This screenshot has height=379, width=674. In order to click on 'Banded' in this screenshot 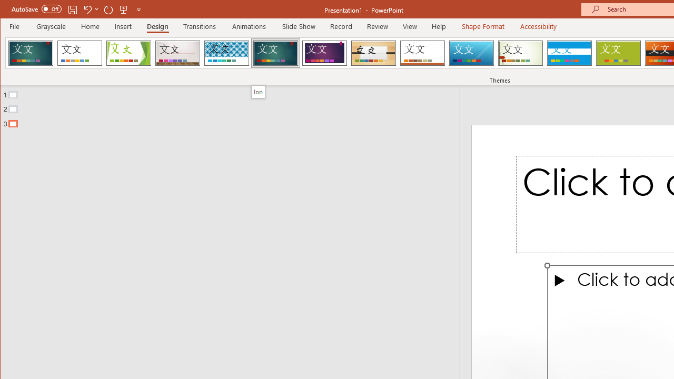, I will do `click(569, 53)`.